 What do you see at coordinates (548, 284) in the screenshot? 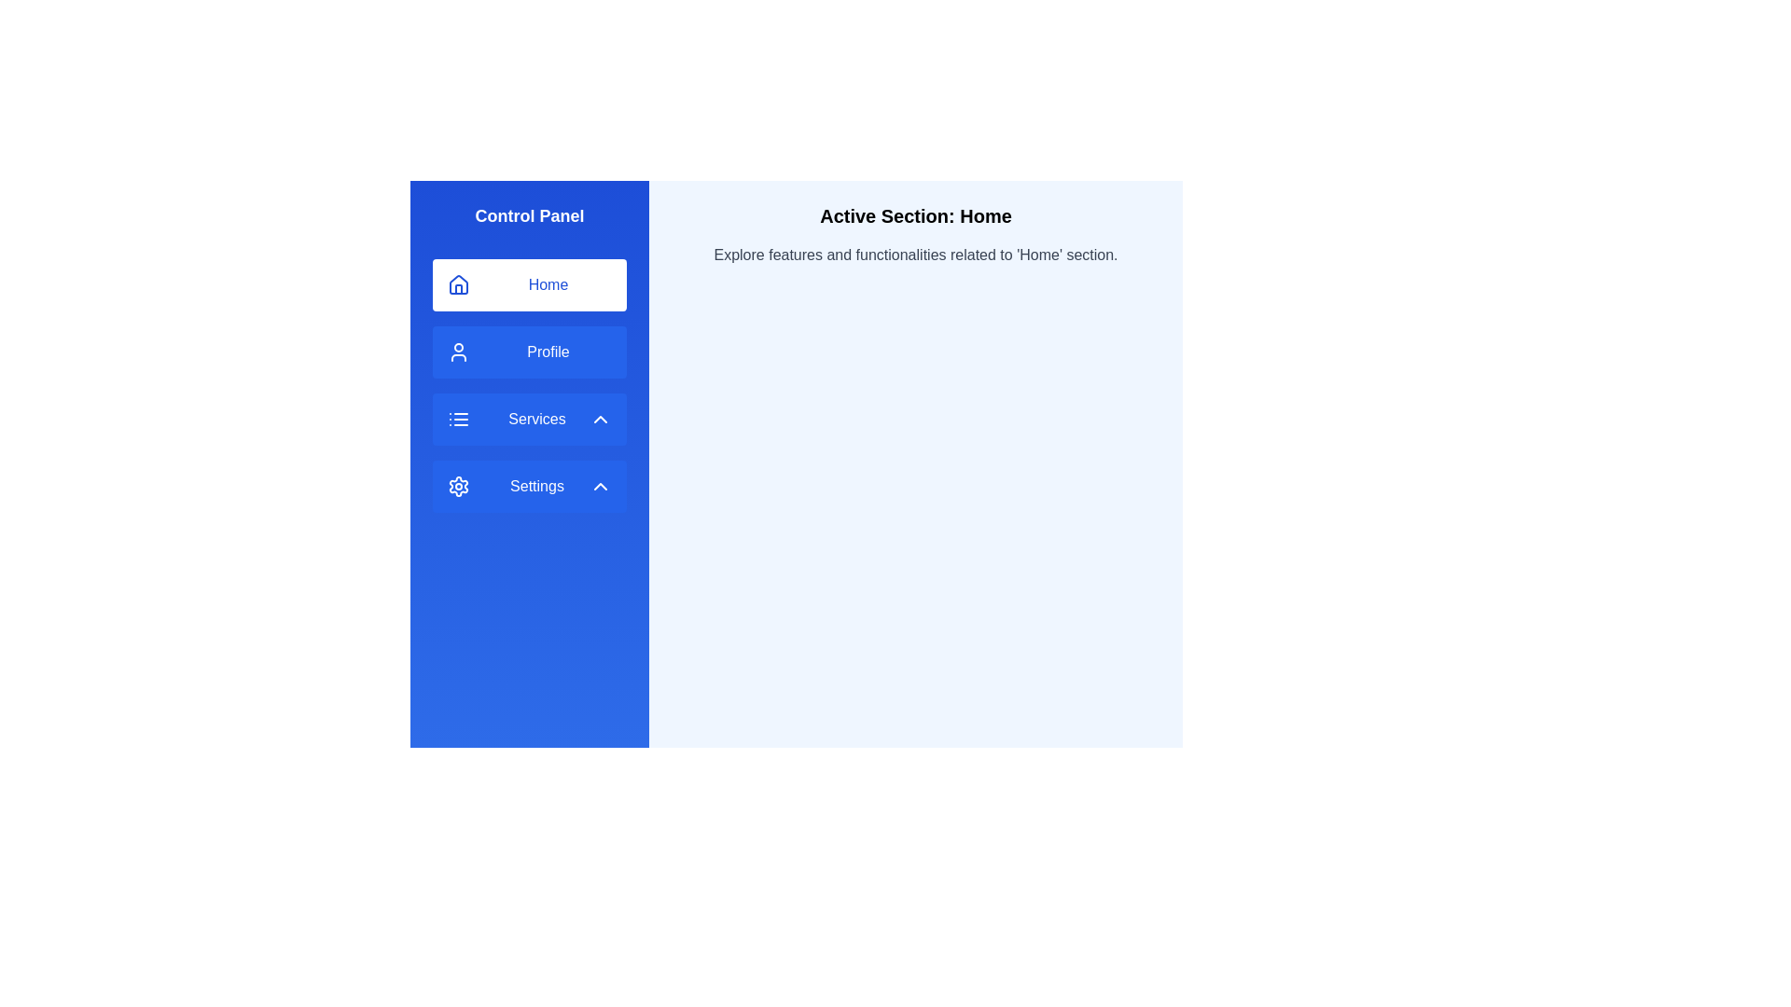
I see `the 'Home' text label, which is styled in blue and positioned next to the house icon in the vertical navigation bar on the left side of the interface` at bounding box center [548, 284].